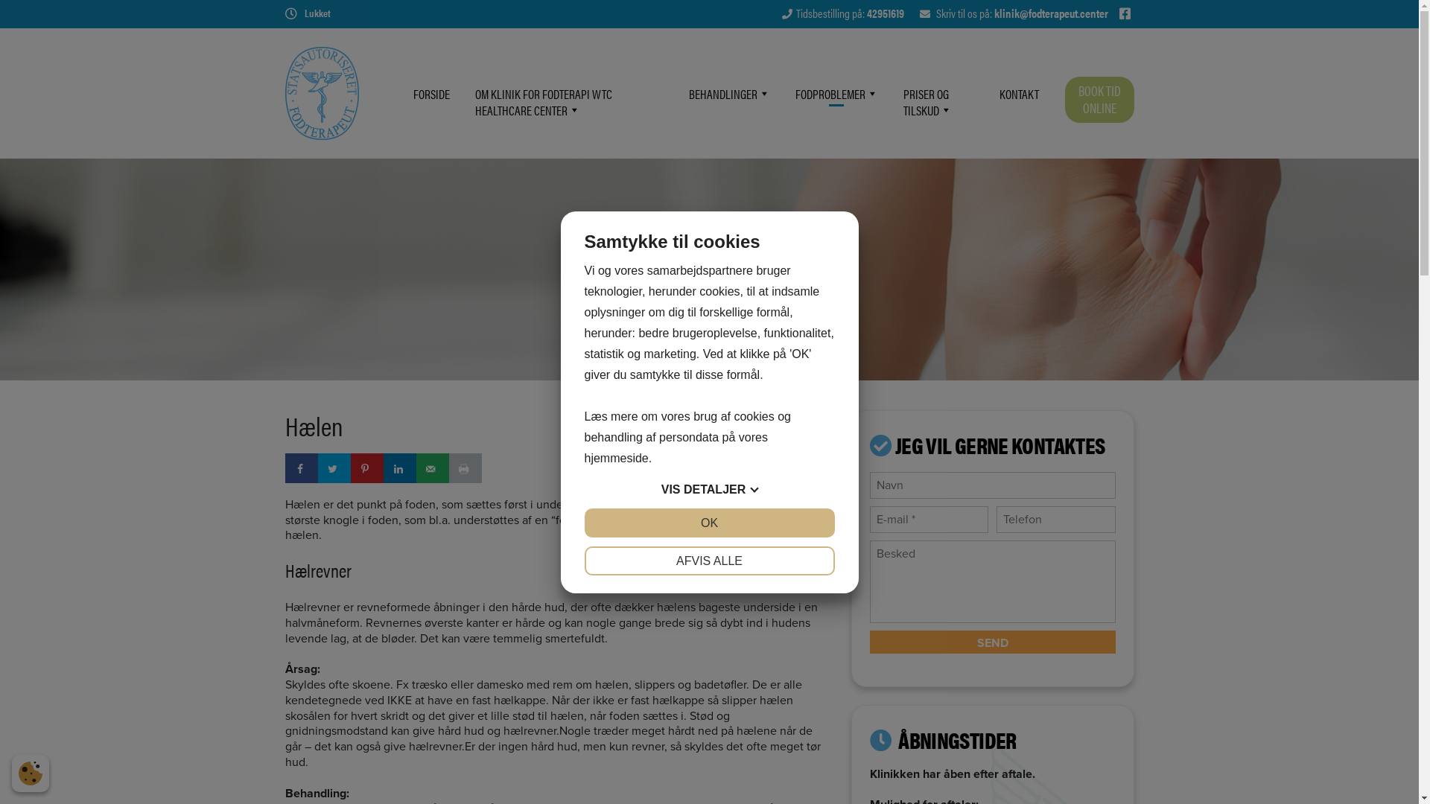  Describe the element at coordinates (447, 467) in the screenshot. I see `'Print this webpage'` at that location.